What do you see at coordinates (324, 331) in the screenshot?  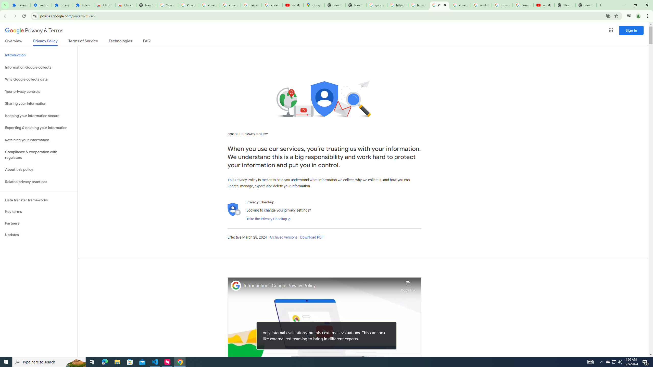 I see `'Play'` at bounding box center [324, 331].